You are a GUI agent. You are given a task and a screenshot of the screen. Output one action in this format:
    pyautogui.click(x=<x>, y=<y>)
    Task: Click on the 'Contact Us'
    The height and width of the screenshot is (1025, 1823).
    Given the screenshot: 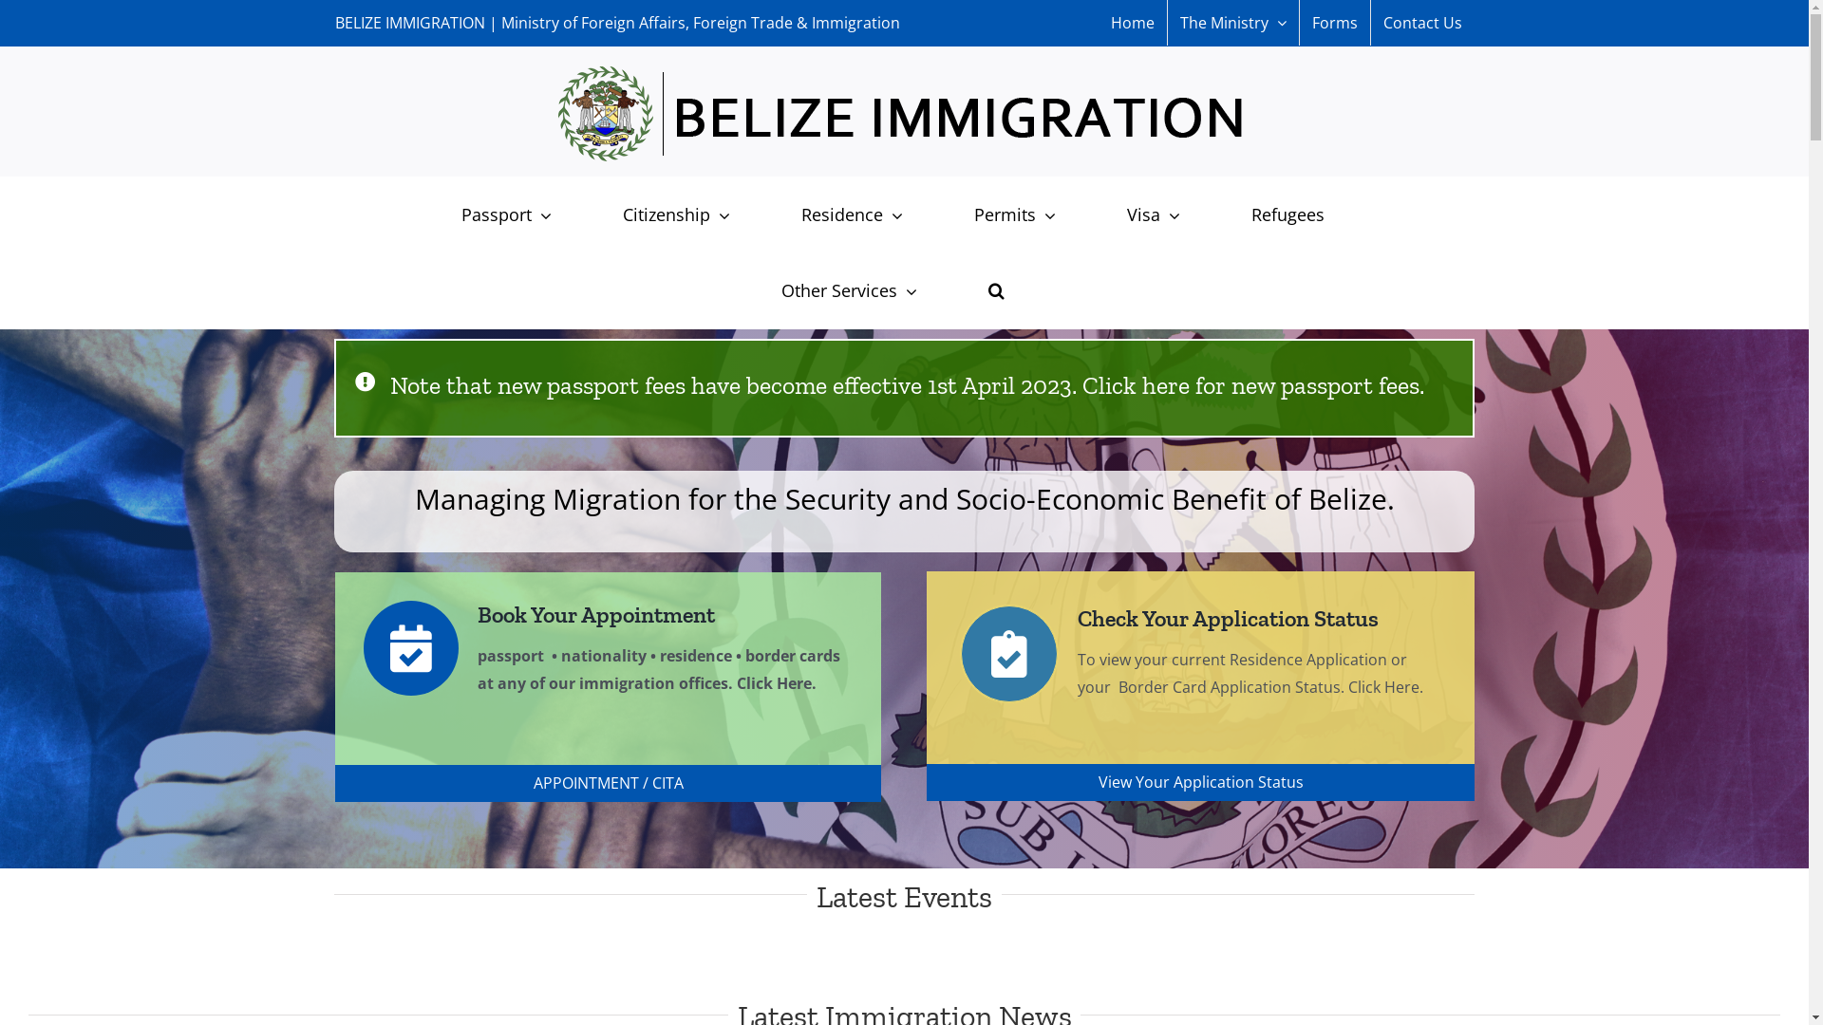 What is the action you would take?
    pyautogui.click(x=1422, y=22)
    